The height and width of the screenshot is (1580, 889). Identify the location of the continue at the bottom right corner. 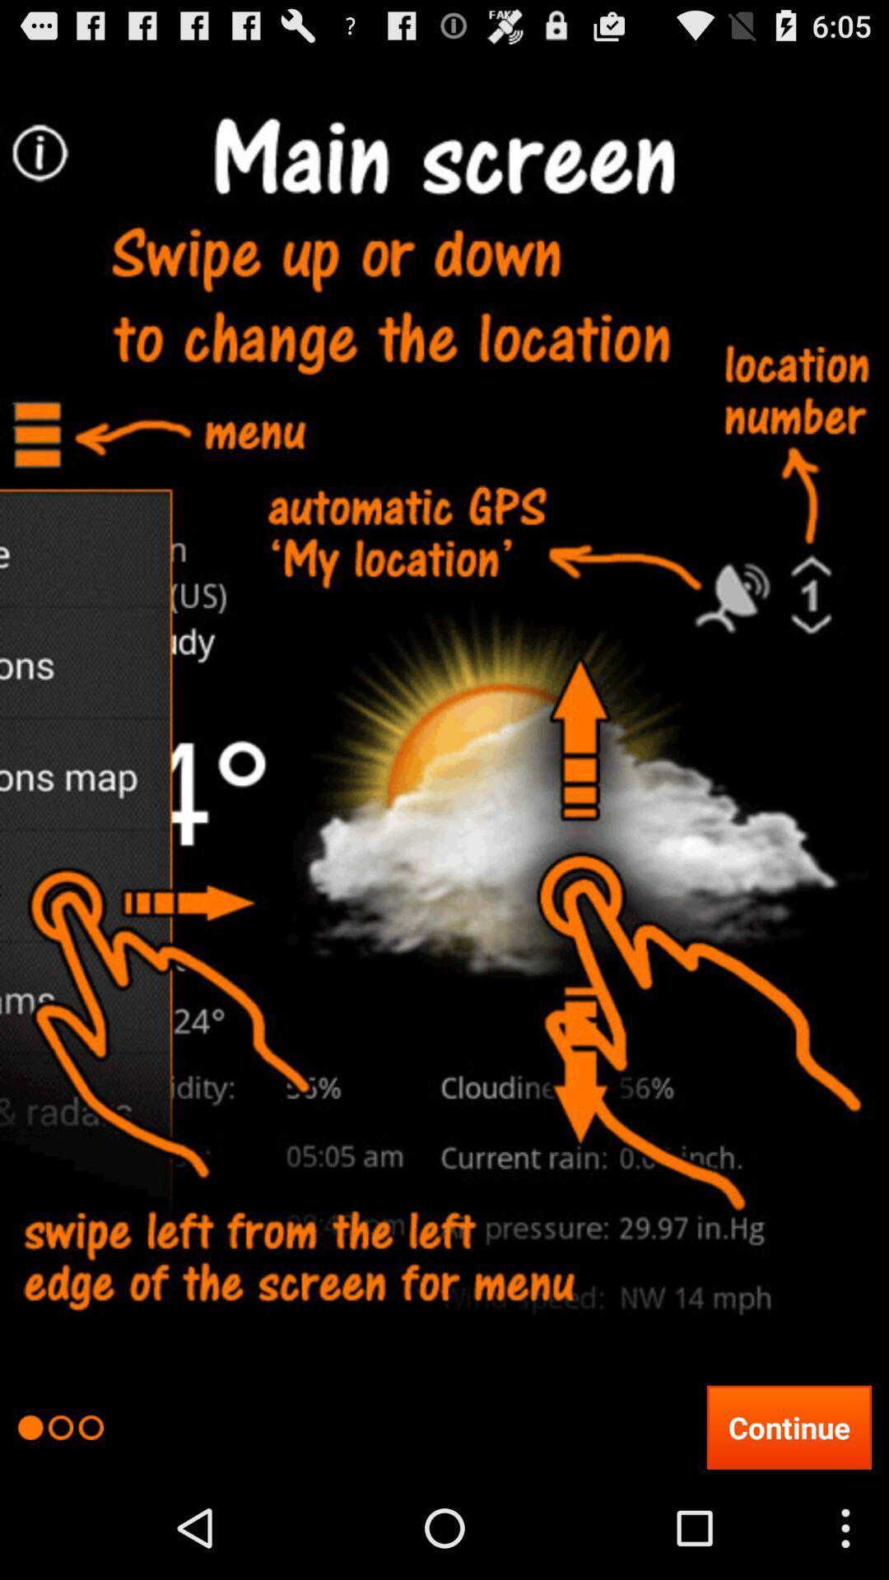
(788, 1426).